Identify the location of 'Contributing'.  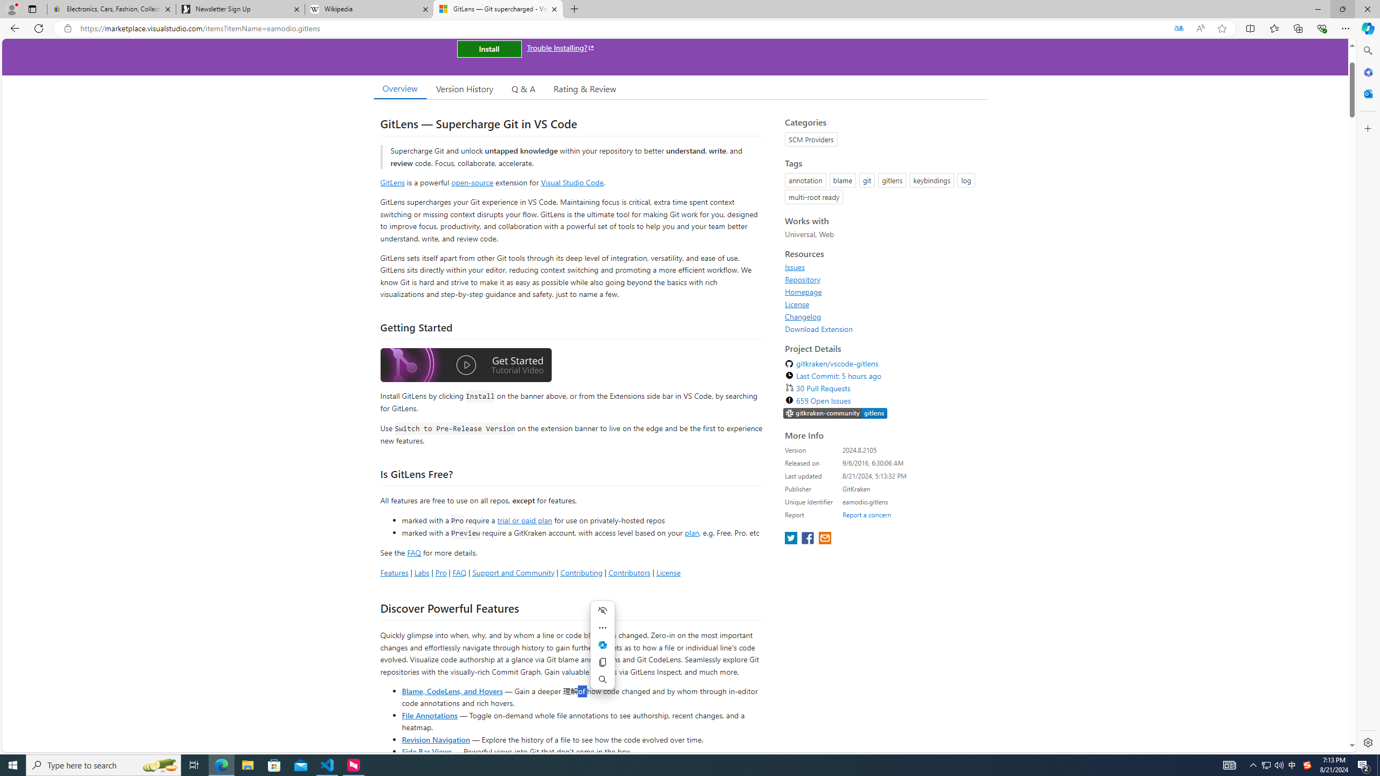
(582, 572).